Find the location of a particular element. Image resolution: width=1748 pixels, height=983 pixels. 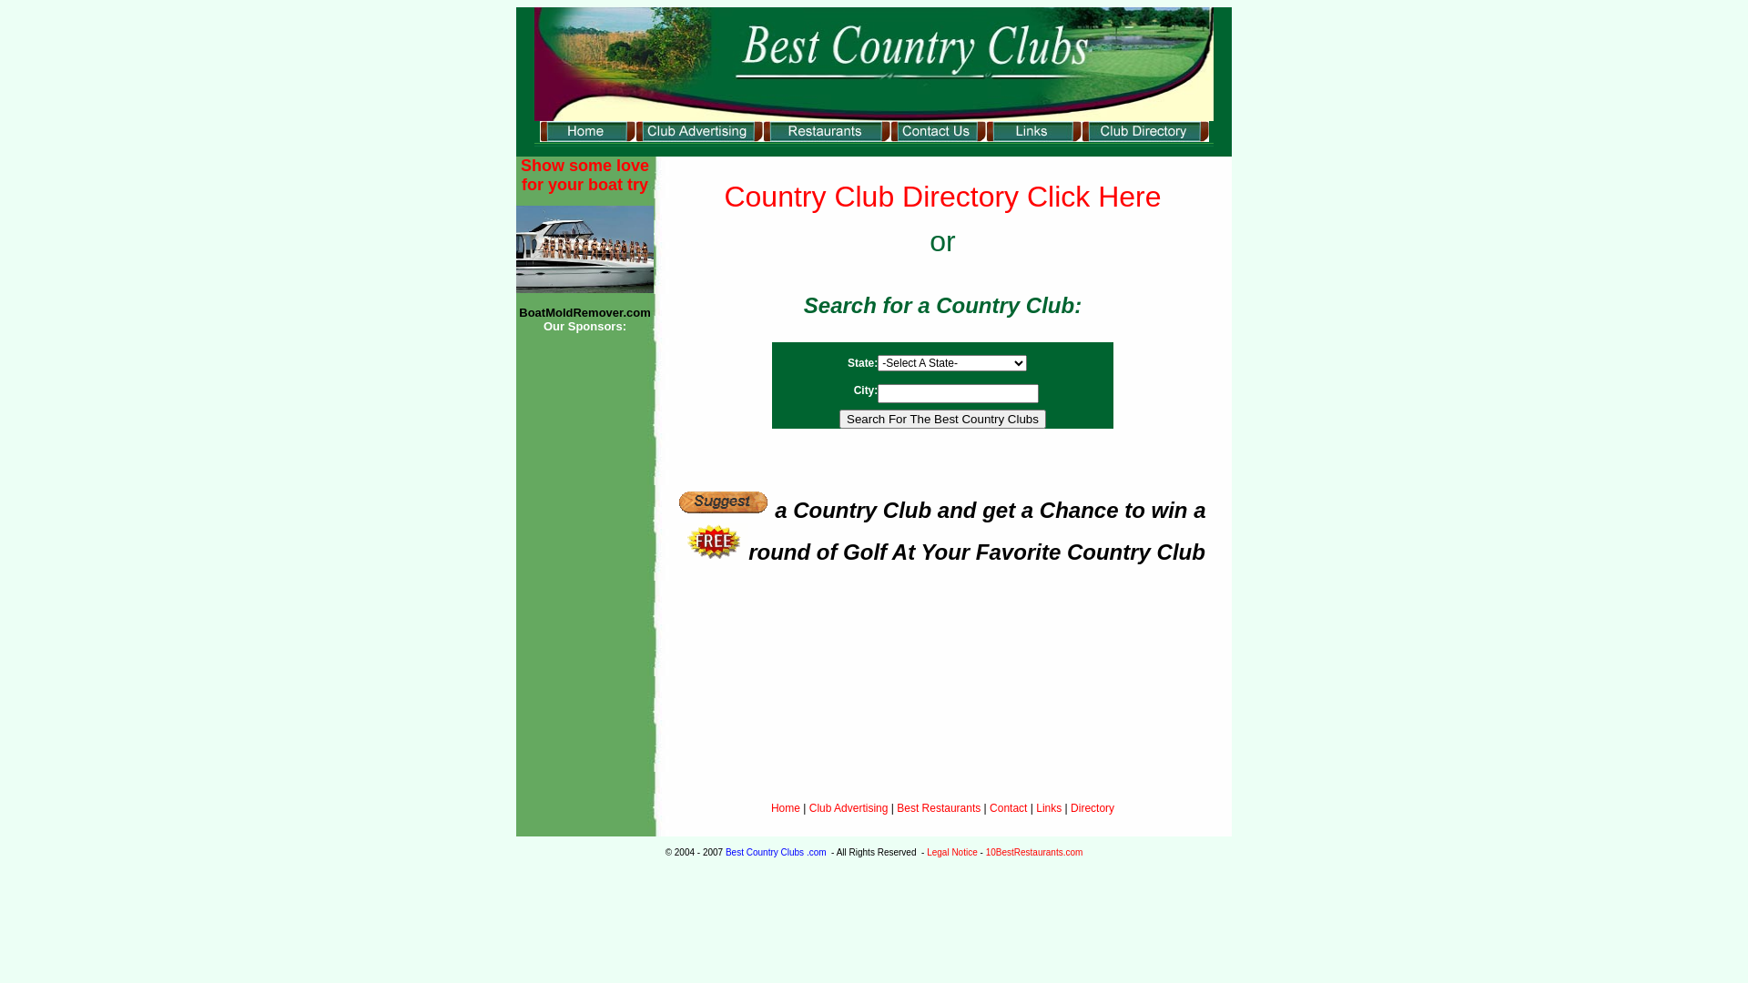

'Best Country Clubs .com' is located at coordinates (724, 852).